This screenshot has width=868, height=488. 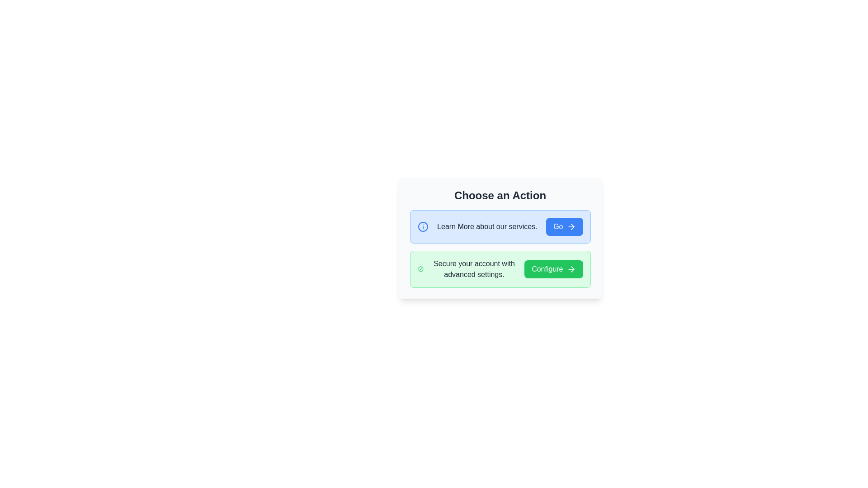 I want to click on the small right-pointing arrow icon located on the 'Go' button, which has a blue background and is positioned near the right edge of the button, so click(x=572, y=226).